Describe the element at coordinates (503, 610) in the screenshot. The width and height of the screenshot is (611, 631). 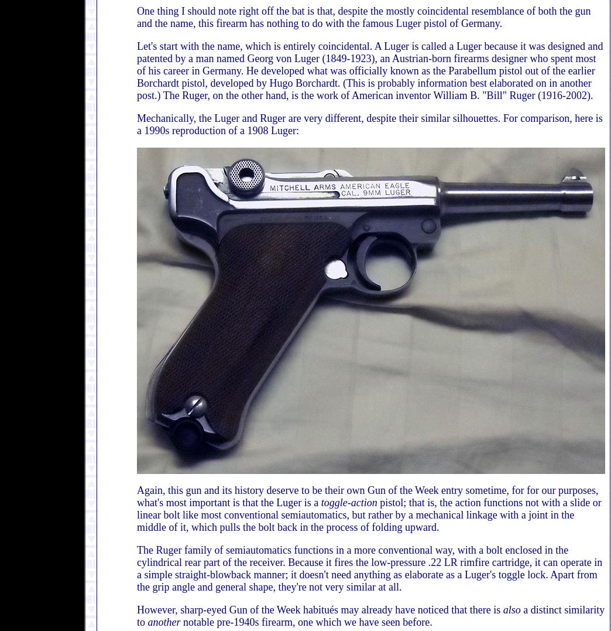
I see `'also'` at that location.